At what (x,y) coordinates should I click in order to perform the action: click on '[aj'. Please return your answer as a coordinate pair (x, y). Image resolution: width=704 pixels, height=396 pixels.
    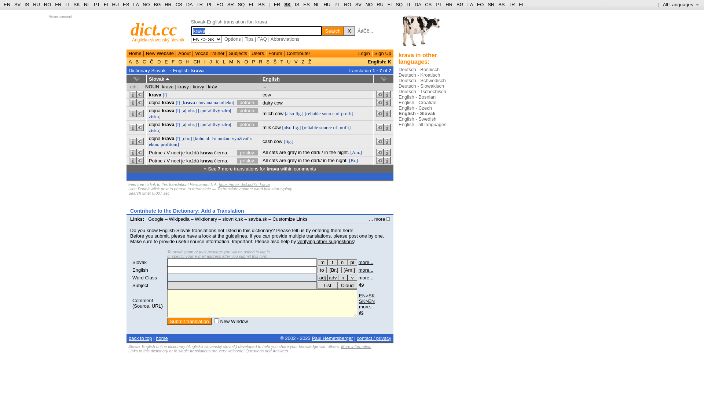
    Looking at the image, I should click on (184, 110).